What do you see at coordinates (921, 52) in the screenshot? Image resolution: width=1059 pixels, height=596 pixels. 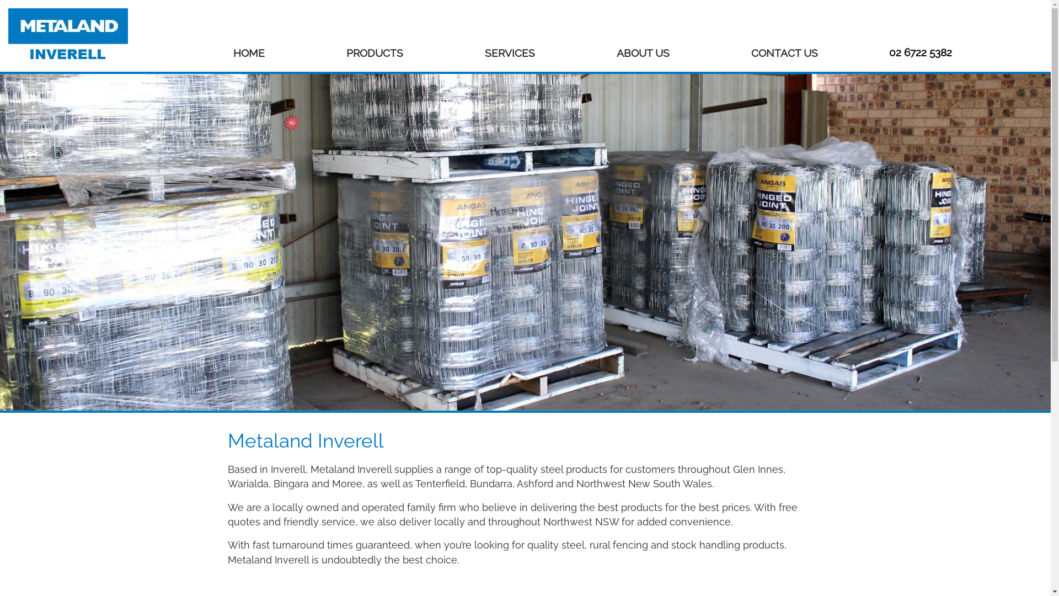 I see `'02 6722 5382'` at bounding box center [921, 52].